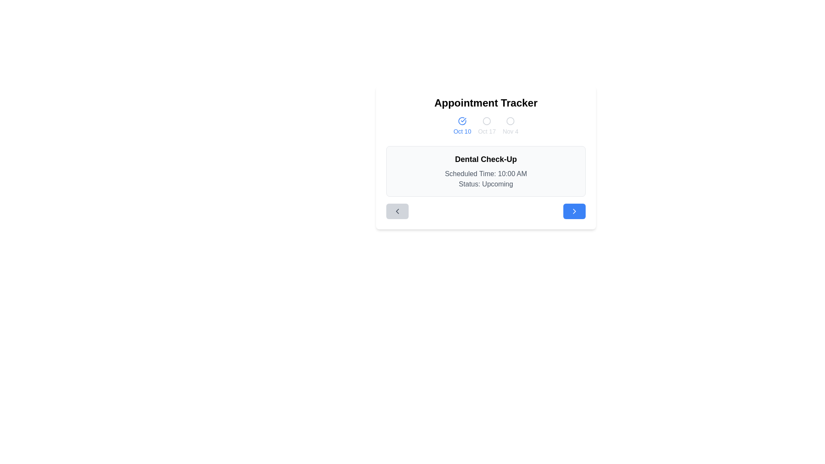 This screenshot has width=825, height=464. What do you see at coordinates (462, 121) in the screenshot?
I see `the checked state icon that indicates the selection for the date 'Oct 10'` at bounding box center [462, 121].